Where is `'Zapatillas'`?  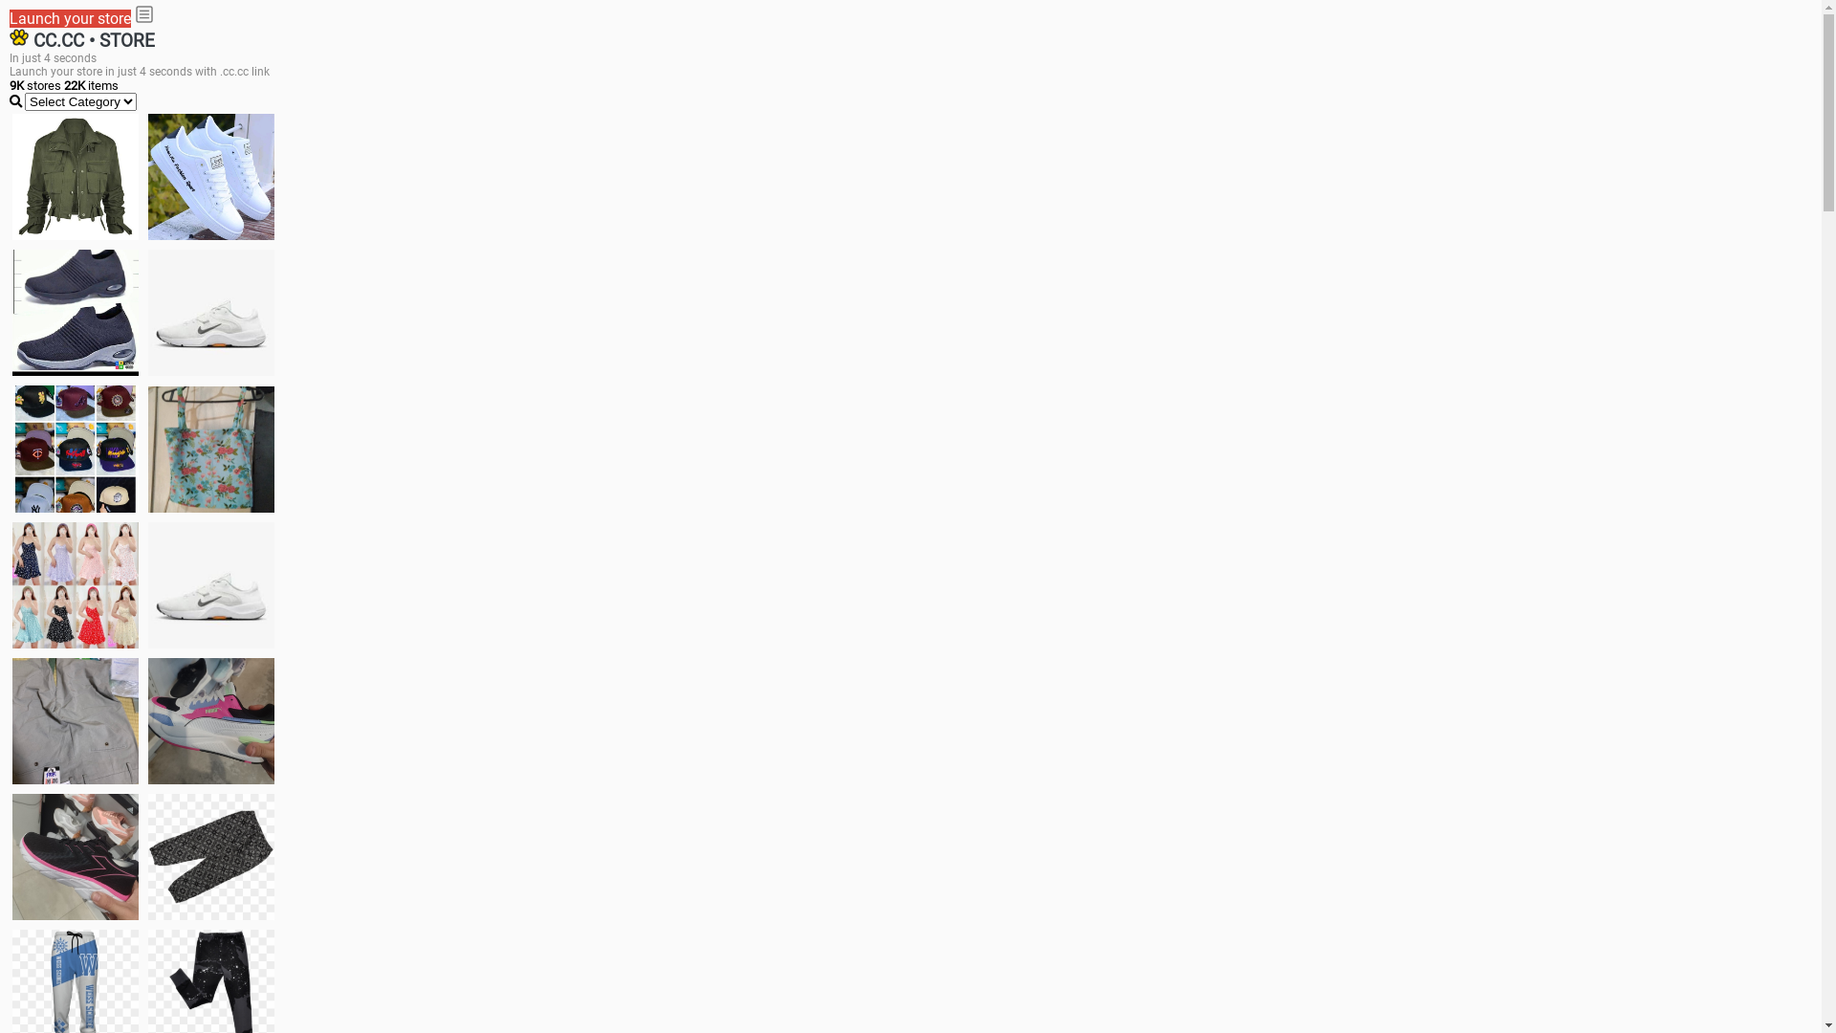
'Zapatillas' is located at coordinates (75, 855).